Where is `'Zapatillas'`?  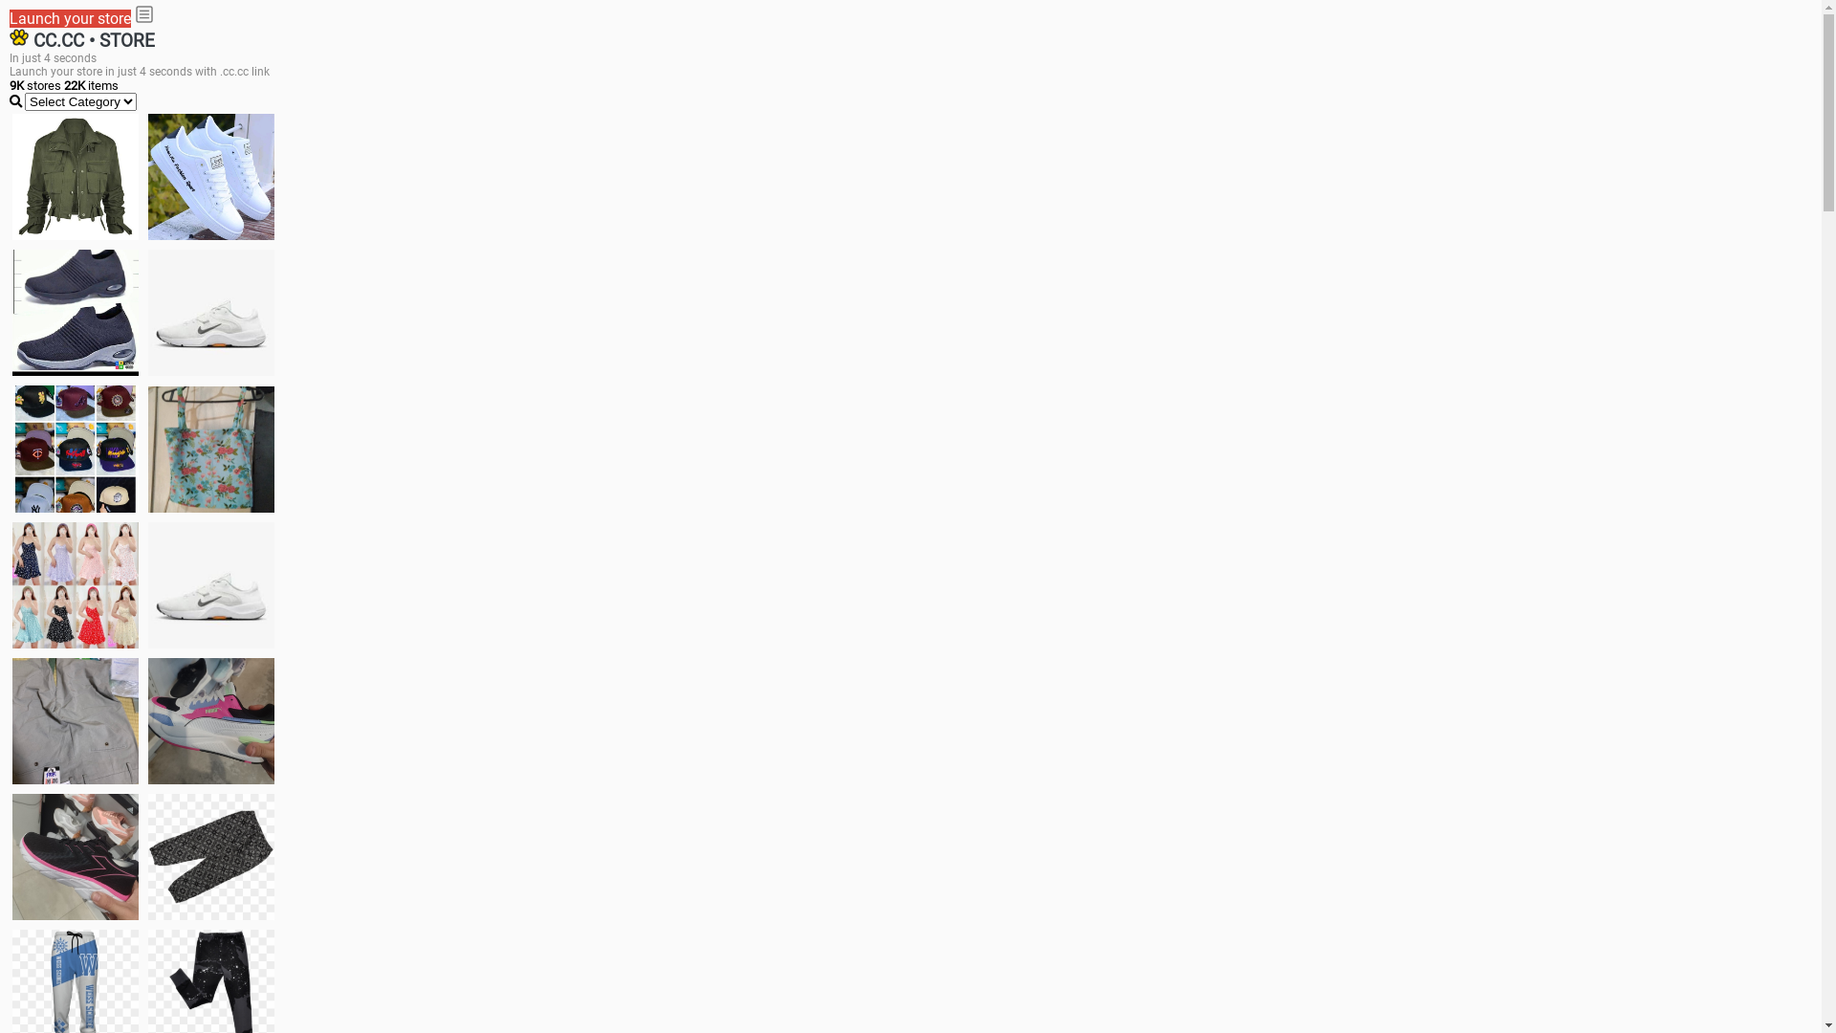
'Zapatillas' is located at coordinates (75, 855).